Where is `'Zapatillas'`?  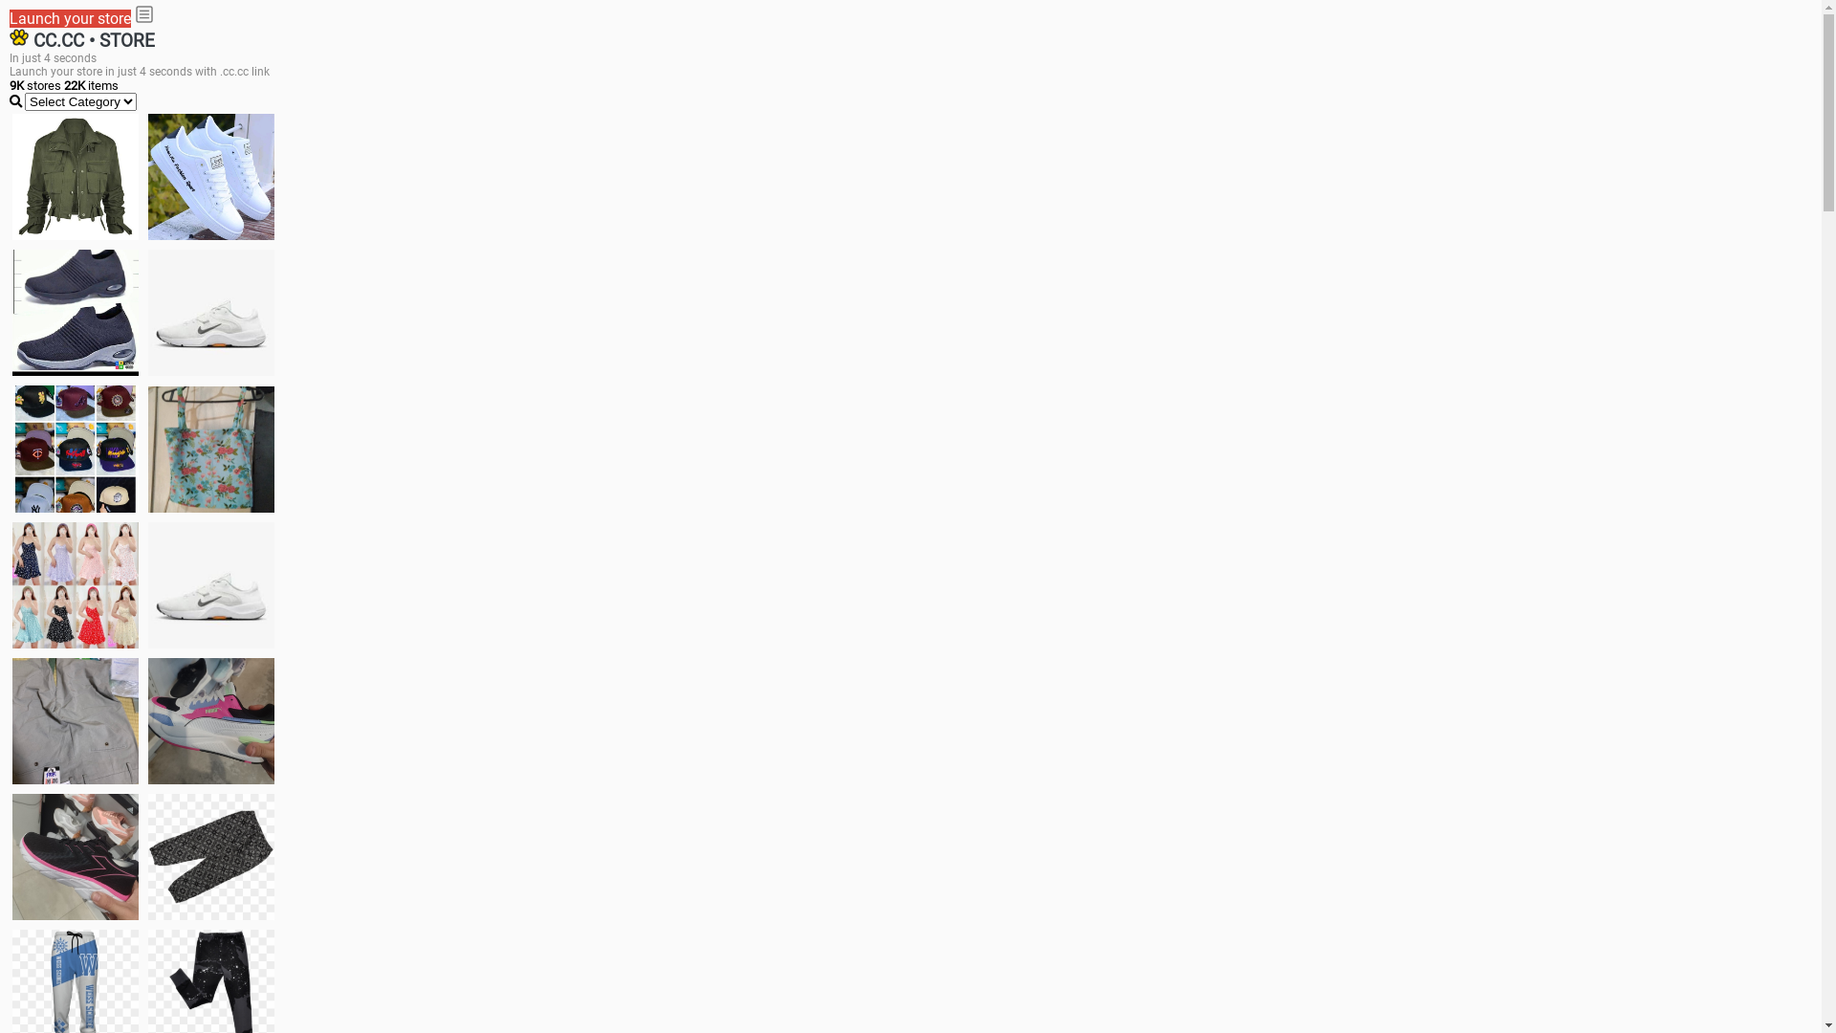
'Zapatillas' is located at coordinates (75, 855).